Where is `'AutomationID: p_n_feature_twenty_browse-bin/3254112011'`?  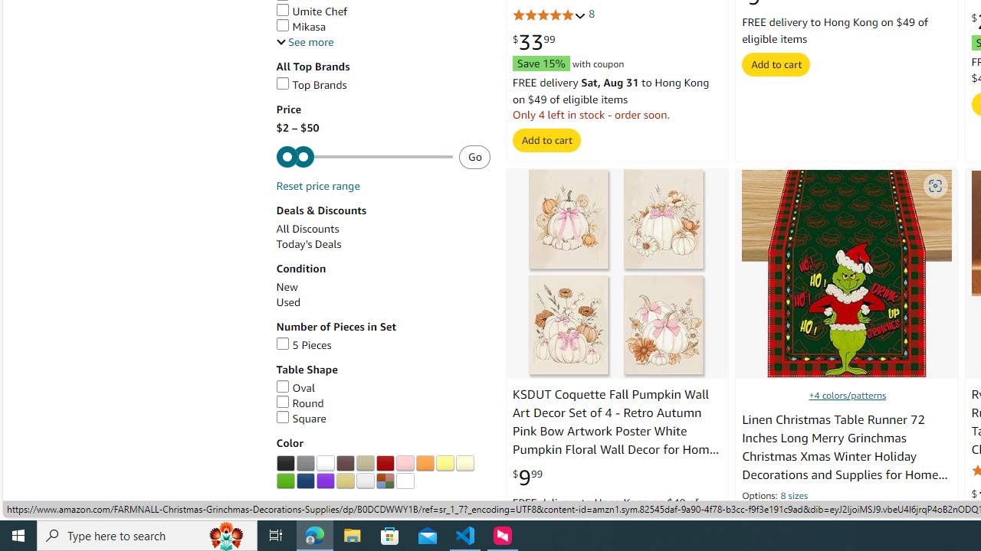 'AutomationID: p_n_feature_twenty_browse-bin/3254112011' is located at coordinates (364, 480).